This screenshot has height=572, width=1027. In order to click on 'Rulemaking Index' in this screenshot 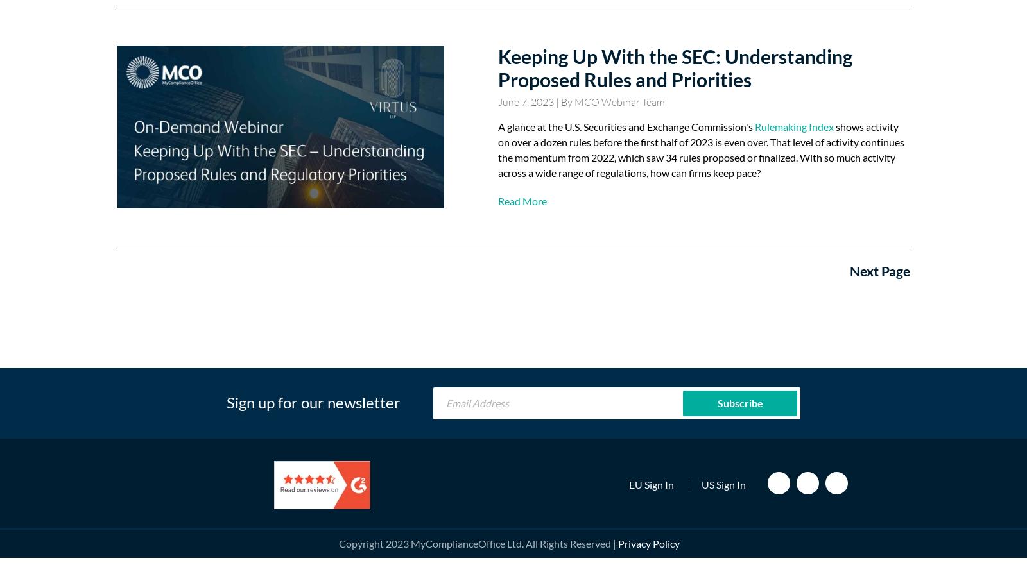, I will do `click(793, 126)`.